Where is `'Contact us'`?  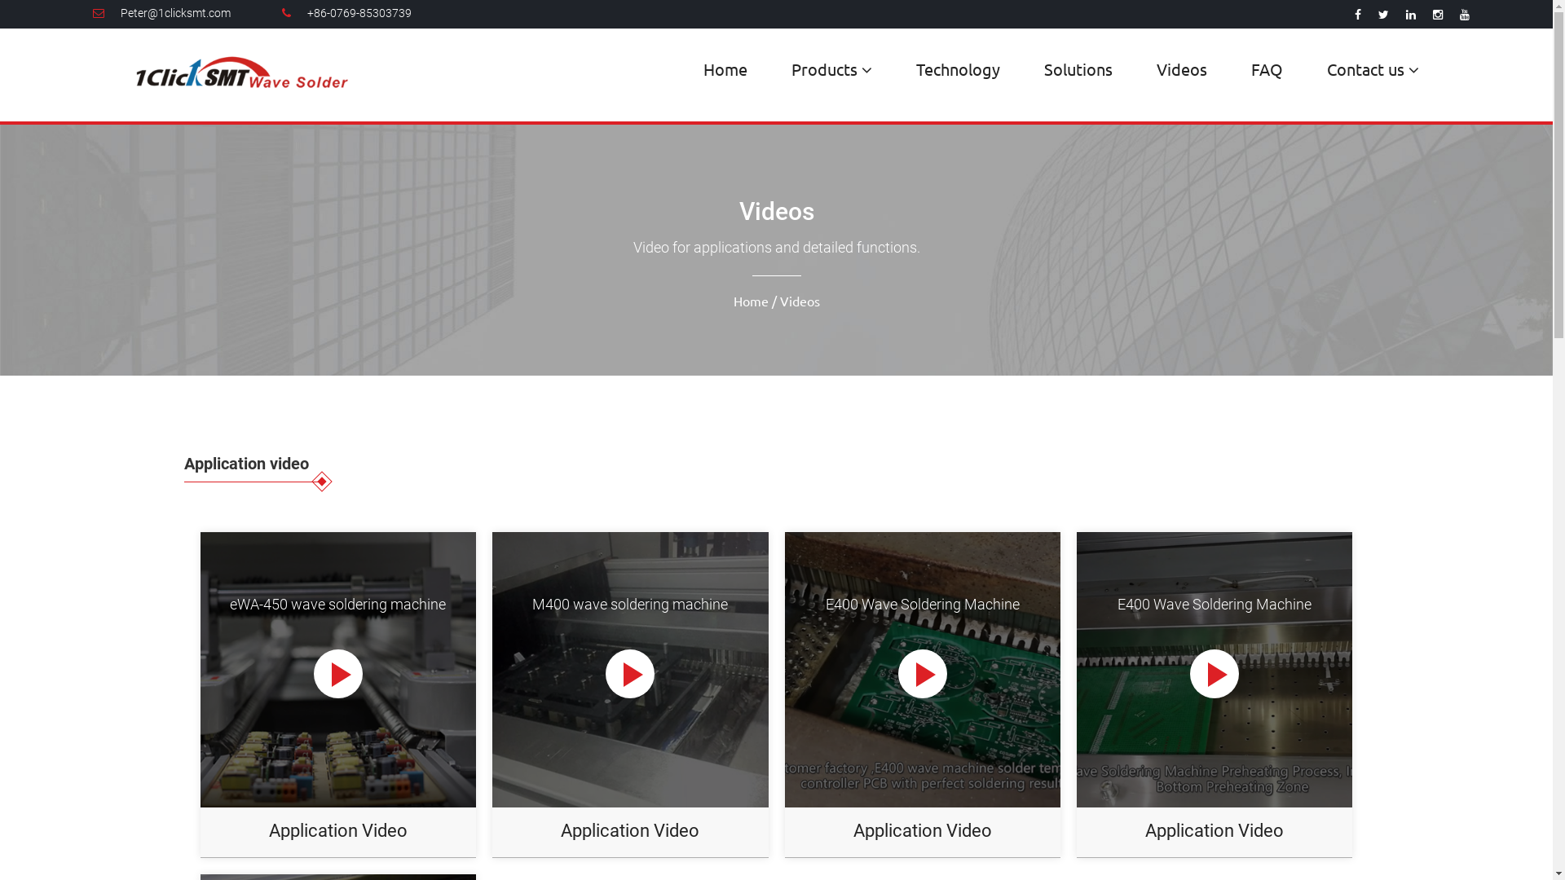 'Contact us' is located at coordinates (1372, 68).